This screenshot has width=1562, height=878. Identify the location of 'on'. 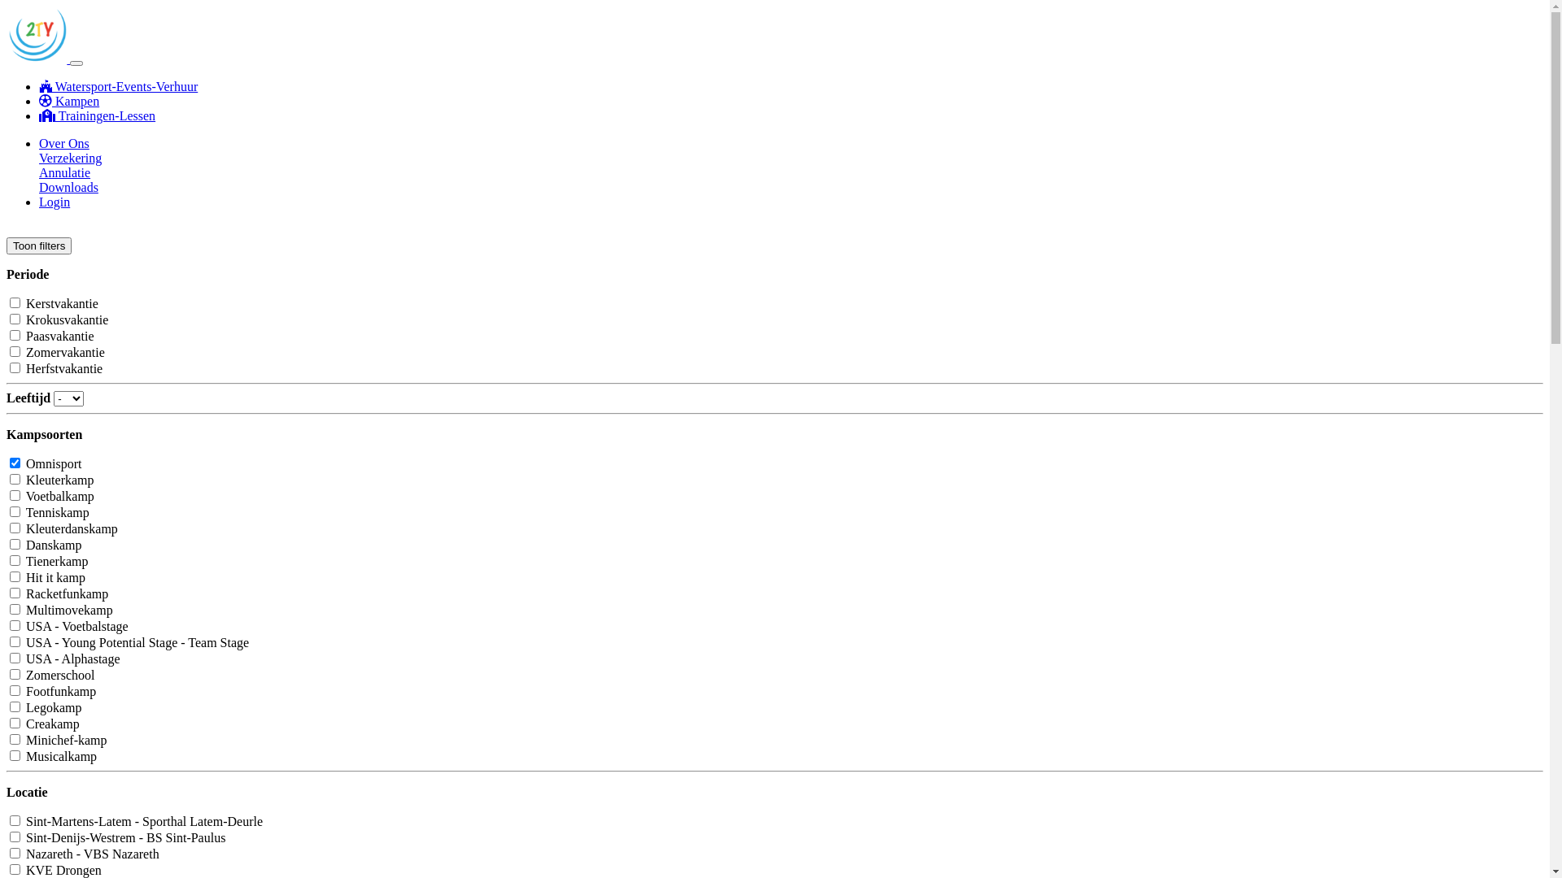
(10, 478).